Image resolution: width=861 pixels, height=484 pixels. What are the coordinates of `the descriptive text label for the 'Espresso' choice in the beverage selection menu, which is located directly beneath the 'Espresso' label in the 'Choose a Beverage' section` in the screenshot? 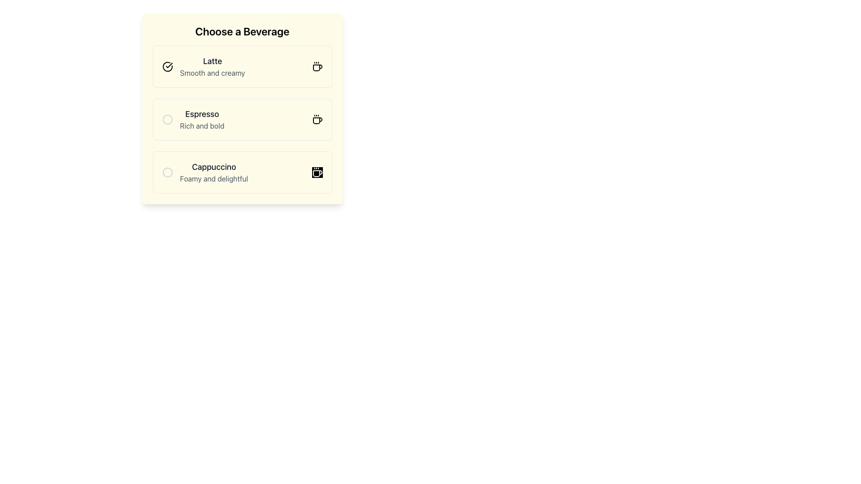 It's located at (202, 126).